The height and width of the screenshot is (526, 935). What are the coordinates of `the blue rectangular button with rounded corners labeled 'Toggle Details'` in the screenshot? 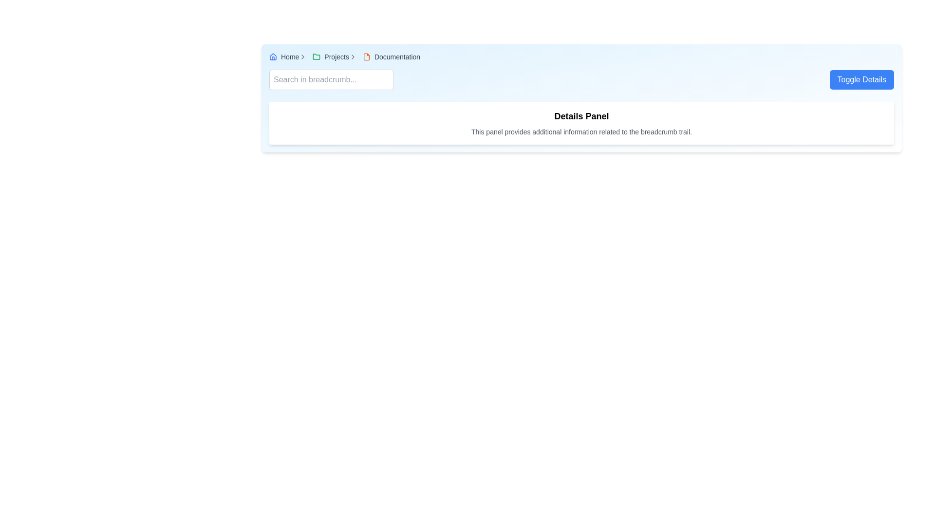 It's located at (861, 79).